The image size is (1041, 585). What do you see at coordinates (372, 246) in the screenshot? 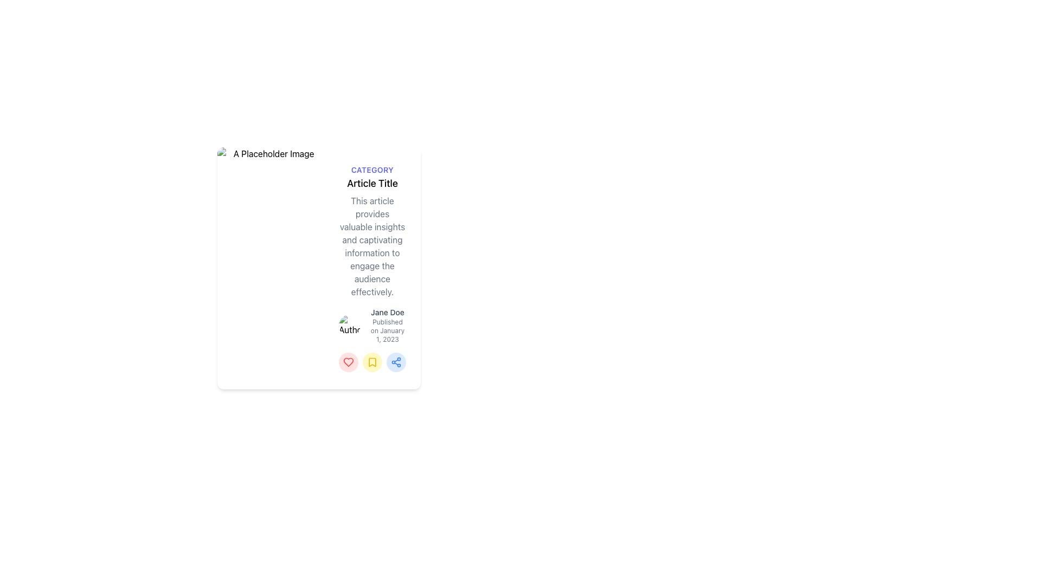
I see `the text element that provides a summary of the article, located below the title 'Article Title' and above the author metadata` at bounding box center [372, 246].